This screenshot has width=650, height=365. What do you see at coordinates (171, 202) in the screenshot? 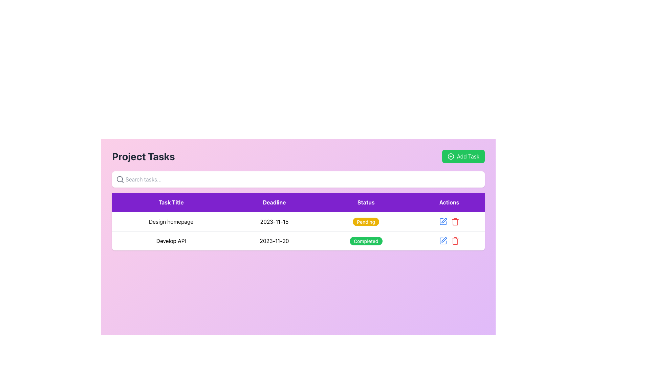
I see `the text header 'Task Title' which is the first header in a purple background table header` at bounding box center [171, 202].